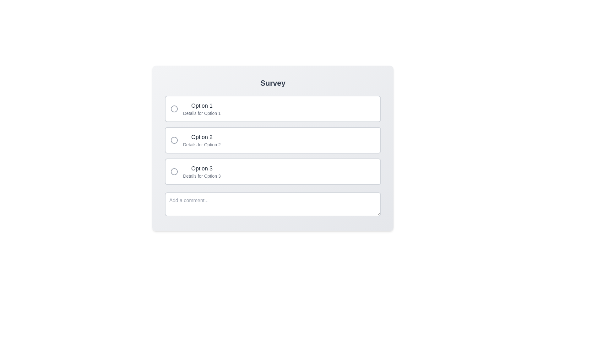  Describe the element at coordinates (202, 113) in the screenshot. I see `the static text label that provides descriptive detail for the first selectable option, located immediately below the title 'Option 1'` at that location.